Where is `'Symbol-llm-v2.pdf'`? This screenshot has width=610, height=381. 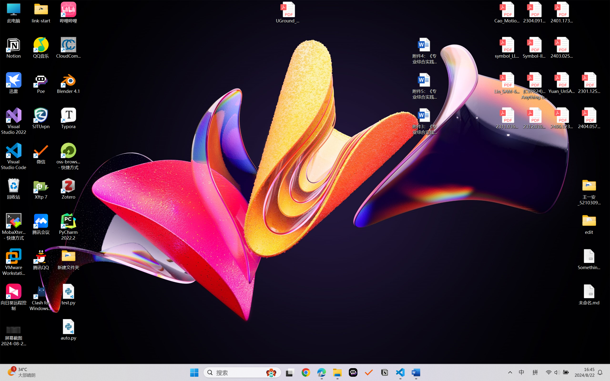
'Symbol-llm-v2.pdf' is located at coordinates (534, 48).